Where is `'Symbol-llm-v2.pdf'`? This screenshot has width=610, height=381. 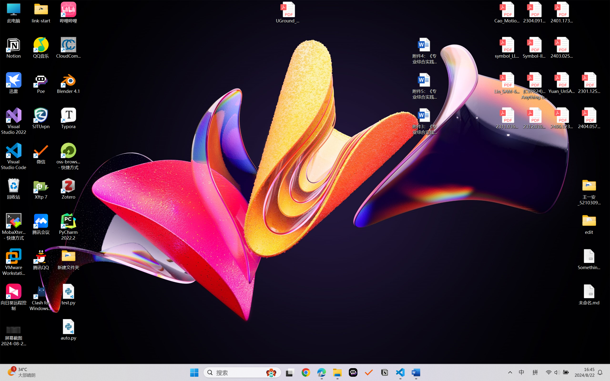
'Symbol-llm-v2.pdf' is located at coordinates (534, 48).